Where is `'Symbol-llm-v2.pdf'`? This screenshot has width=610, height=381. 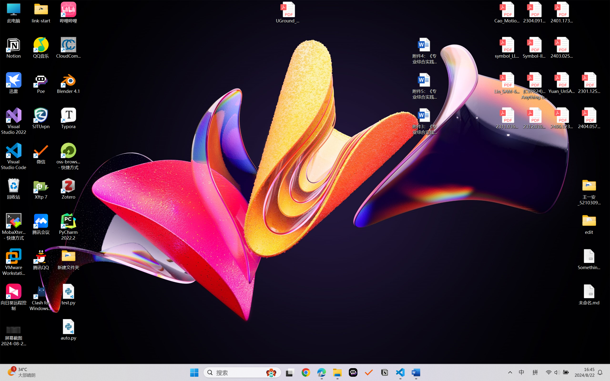
'Symbol-llm-v2.pdf' is located at coordinates (534, 48).